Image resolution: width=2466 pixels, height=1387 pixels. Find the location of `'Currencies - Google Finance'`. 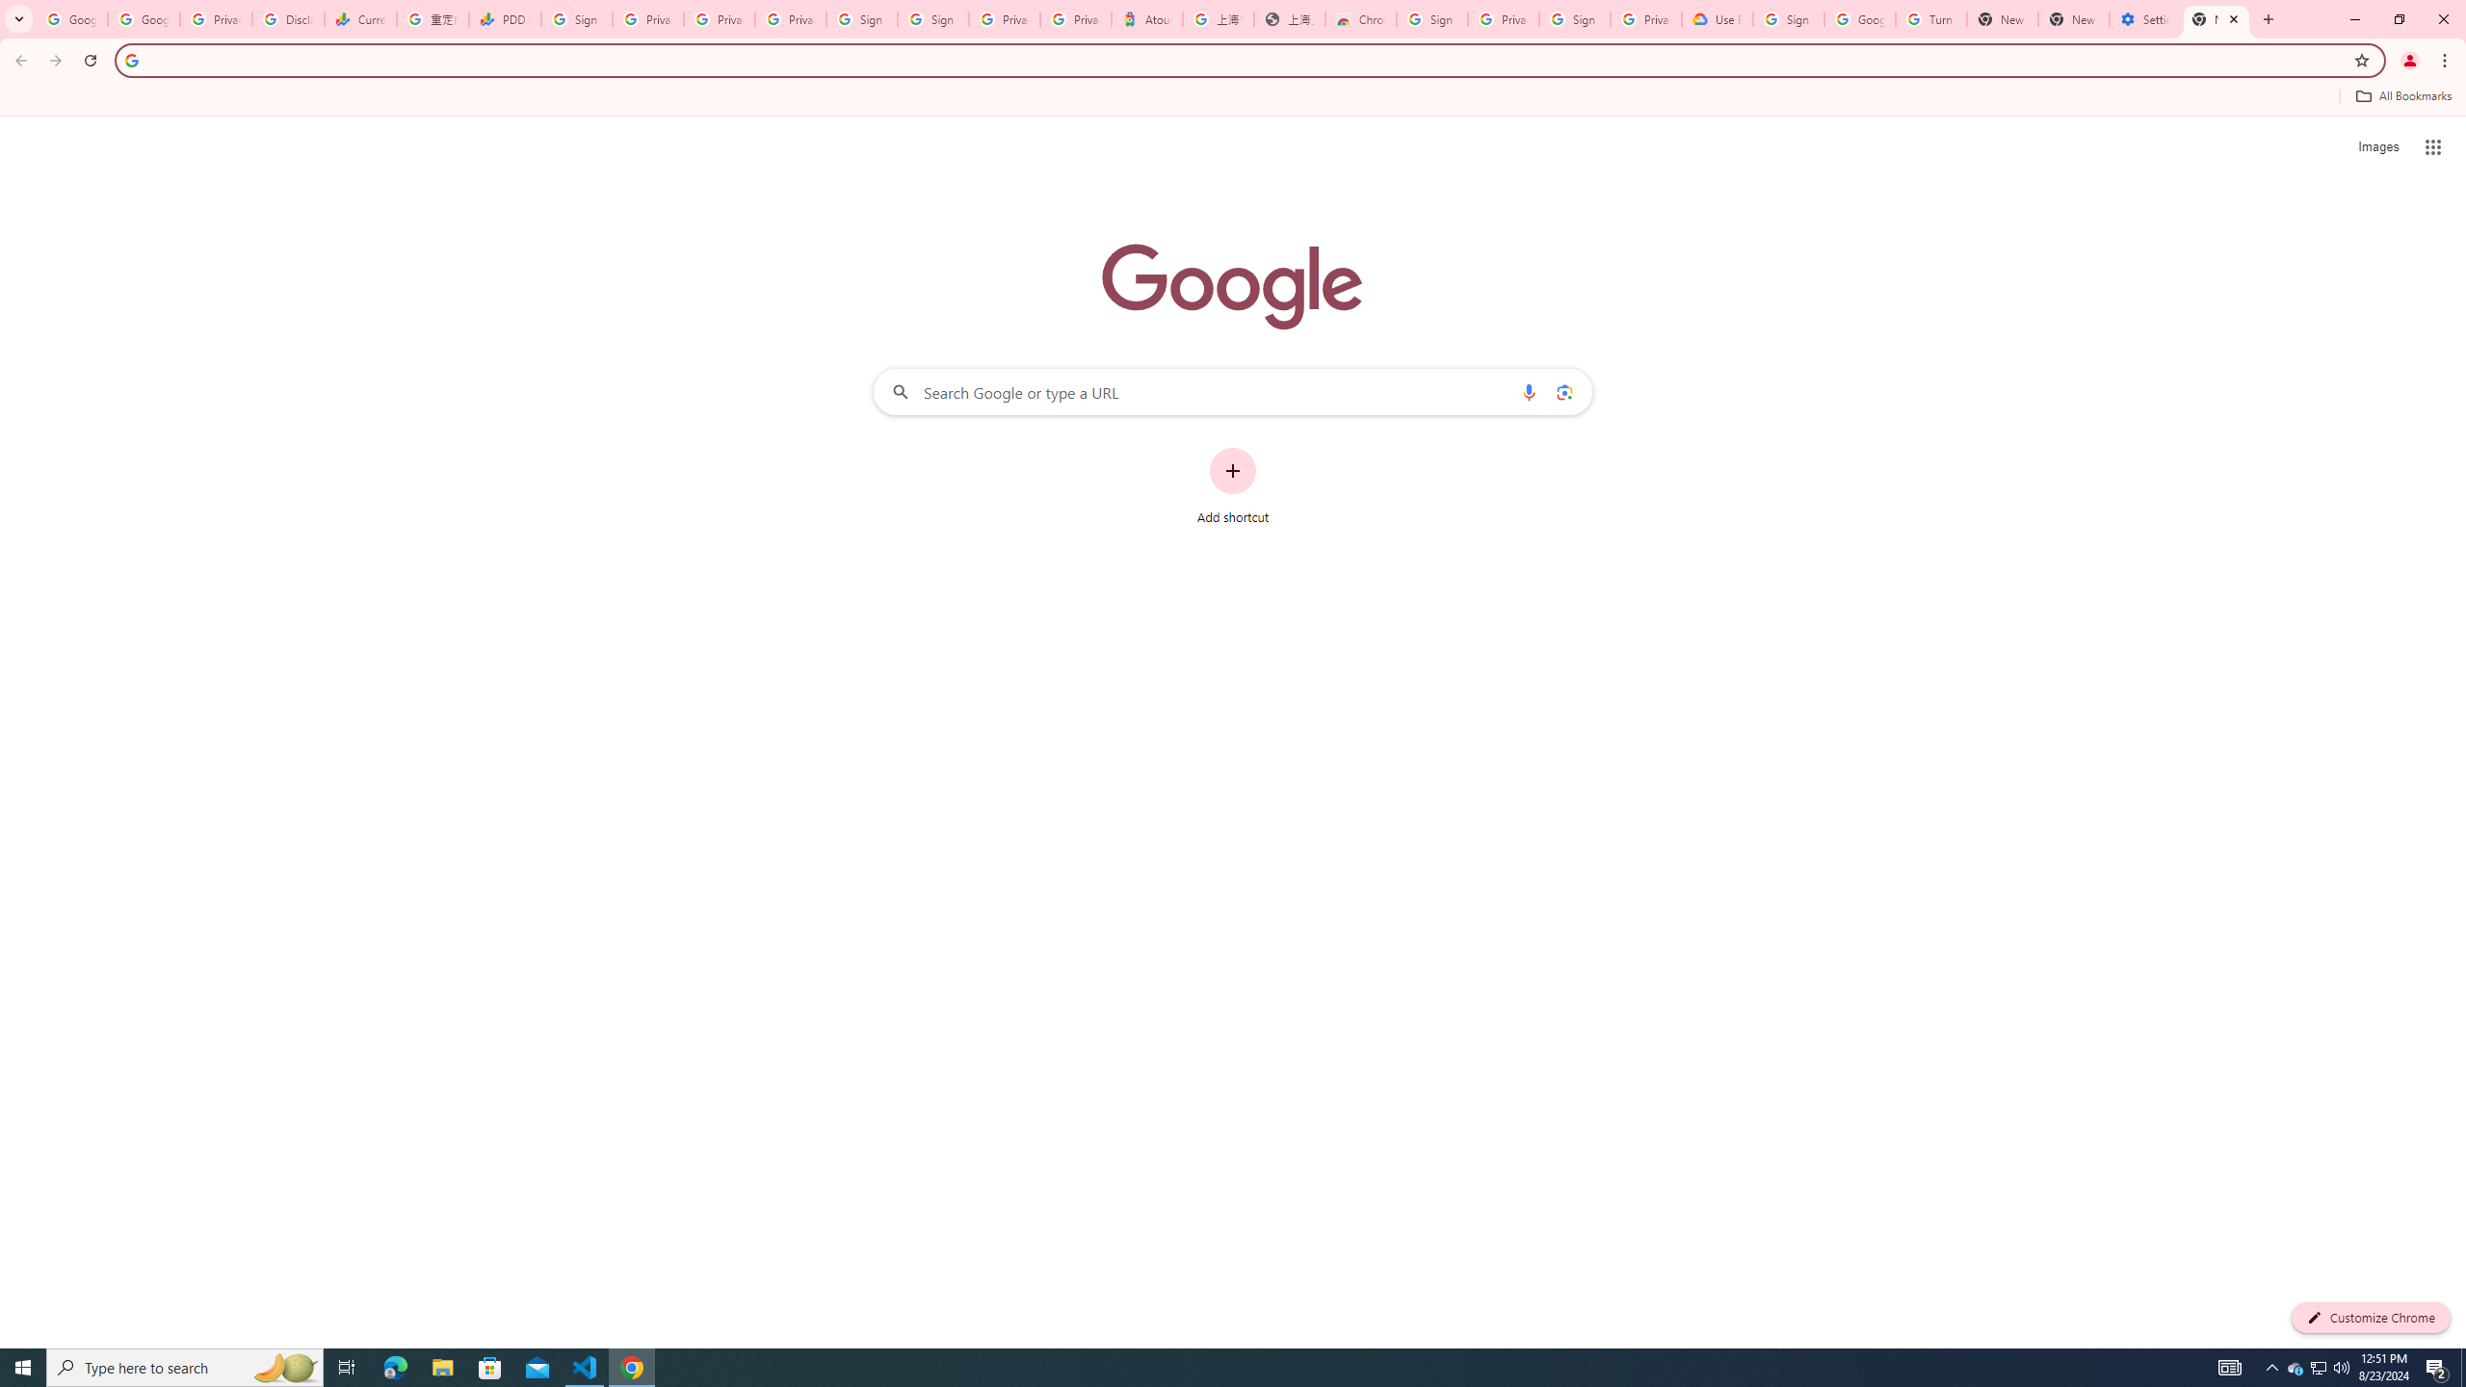

'Currencies - Google Finance' is located at coordinates (358, 18).